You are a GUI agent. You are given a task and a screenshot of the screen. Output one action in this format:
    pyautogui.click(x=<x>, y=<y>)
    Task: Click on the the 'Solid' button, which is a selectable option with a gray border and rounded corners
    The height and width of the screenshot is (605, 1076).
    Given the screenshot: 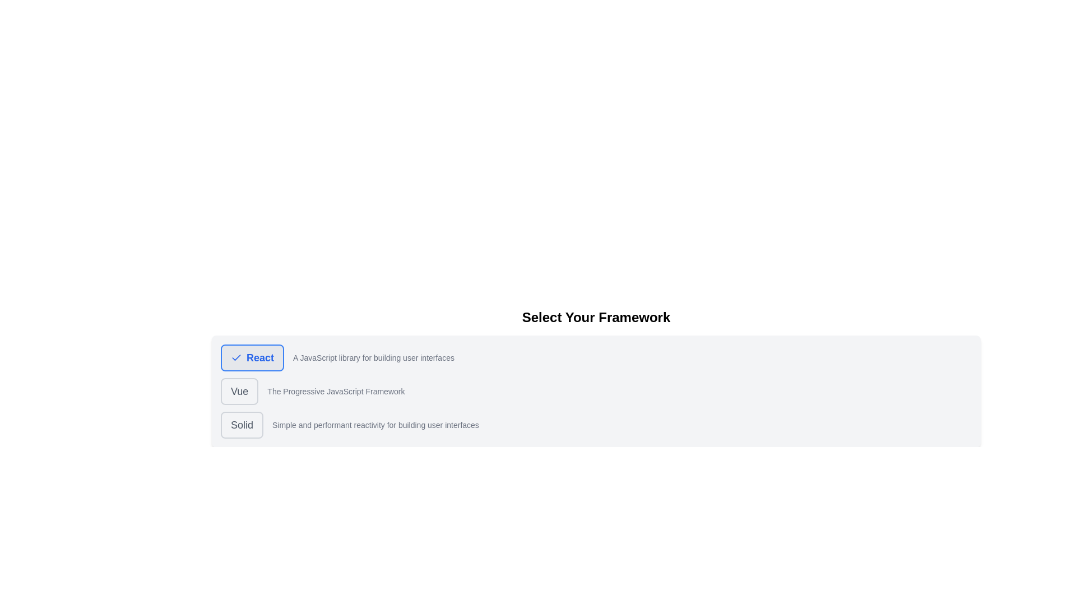 What is the action you would take?
    pyautogui.click(x=596, y=425)
    